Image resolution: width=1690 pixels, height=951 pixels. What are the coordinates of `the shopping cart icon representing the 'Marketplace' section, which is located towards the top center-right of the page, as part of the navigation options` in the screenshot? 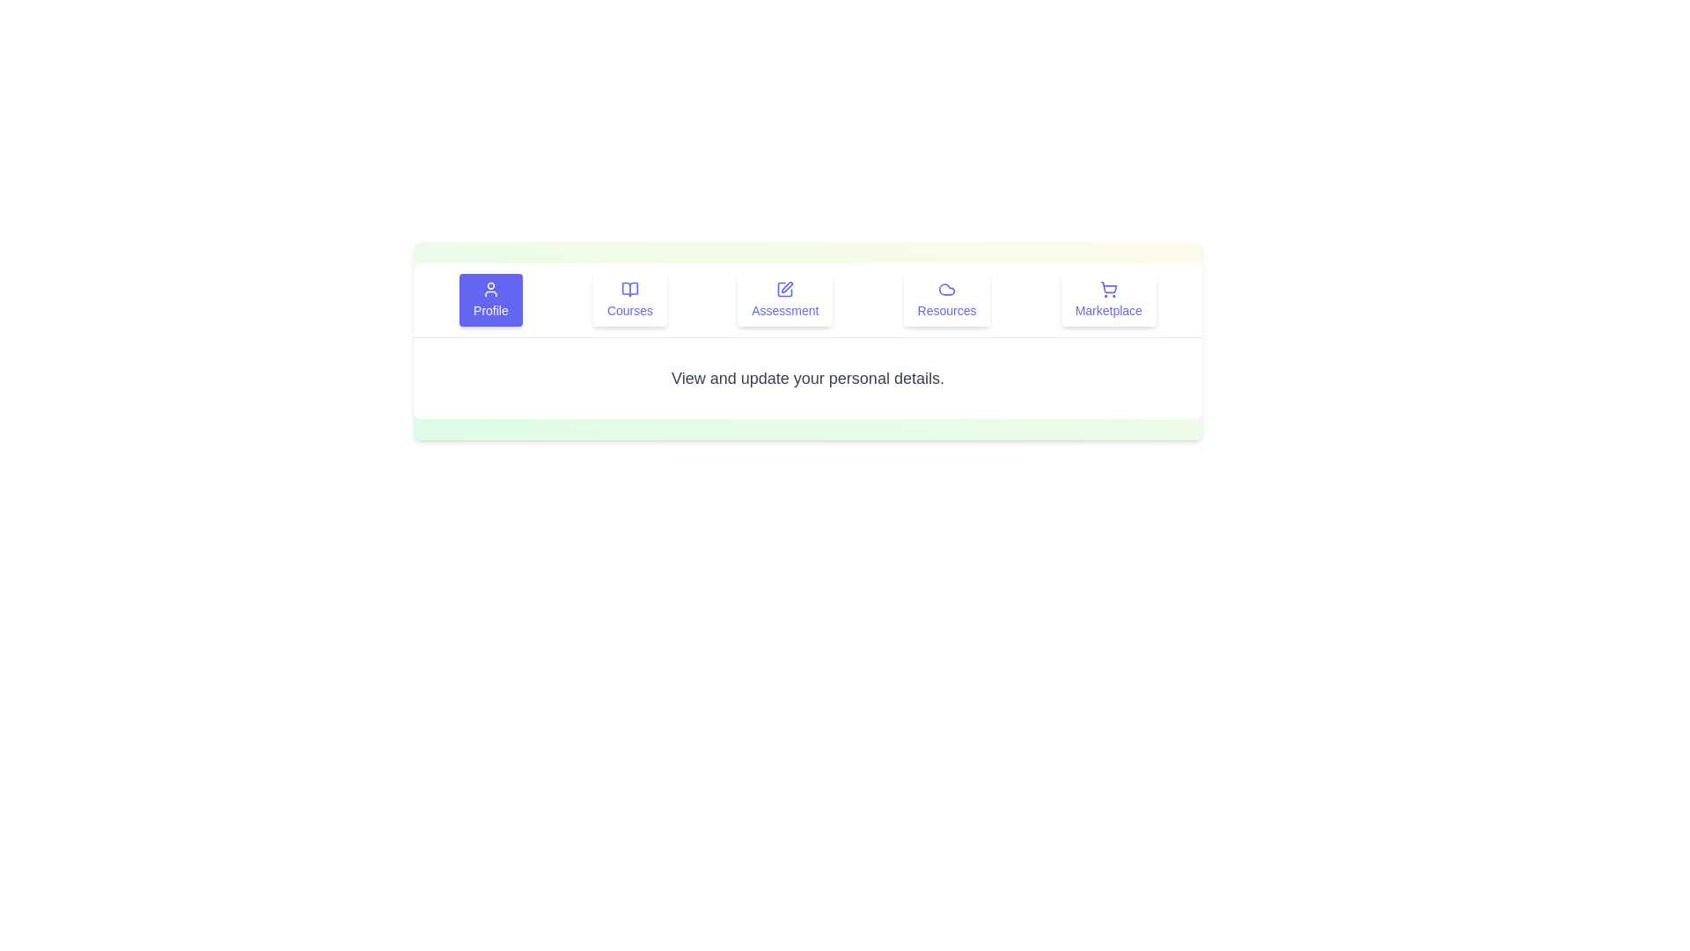 It's located at (1107, 286).